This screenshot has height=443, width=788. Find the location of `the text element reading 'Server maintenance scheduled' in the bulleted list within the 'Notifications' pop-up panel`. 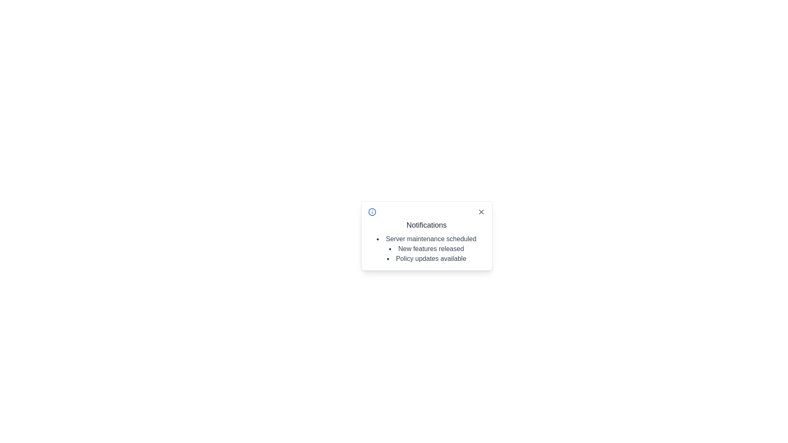

the text element reading 'Server maintenance scheduled' in the bulleted list within the 'Notifications' pop-up panel is located at coordinates (426, 239).